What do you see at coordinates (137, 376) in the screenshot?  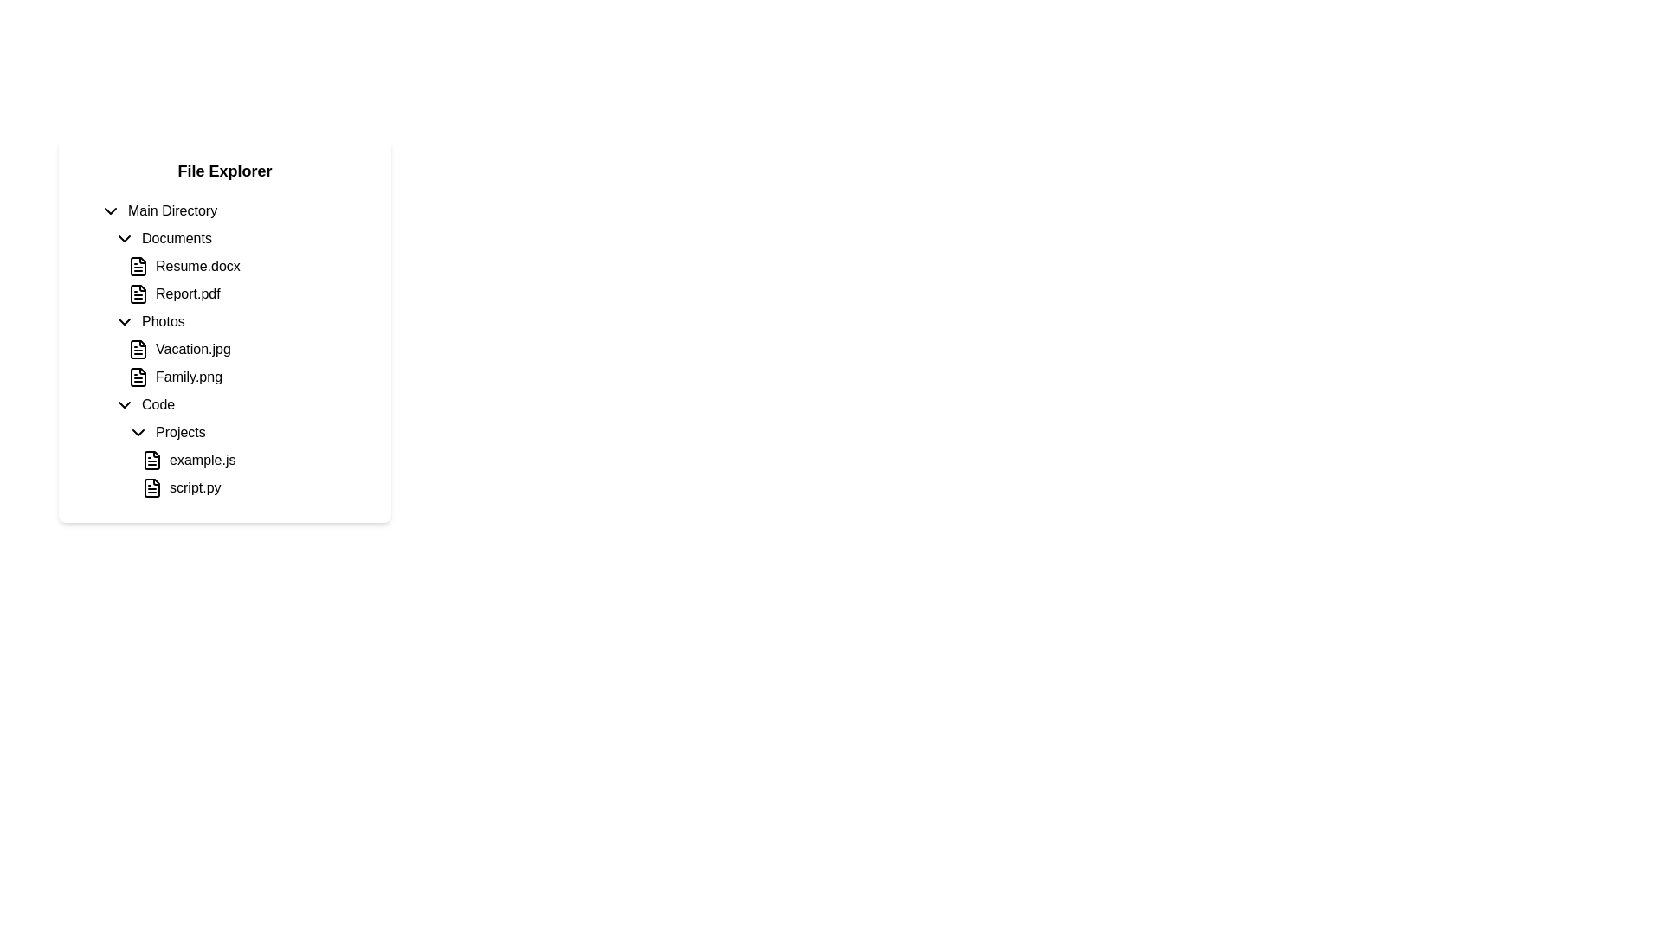 I see `the icon representing the file 'Family.png'` at bounding box center [137, 376].